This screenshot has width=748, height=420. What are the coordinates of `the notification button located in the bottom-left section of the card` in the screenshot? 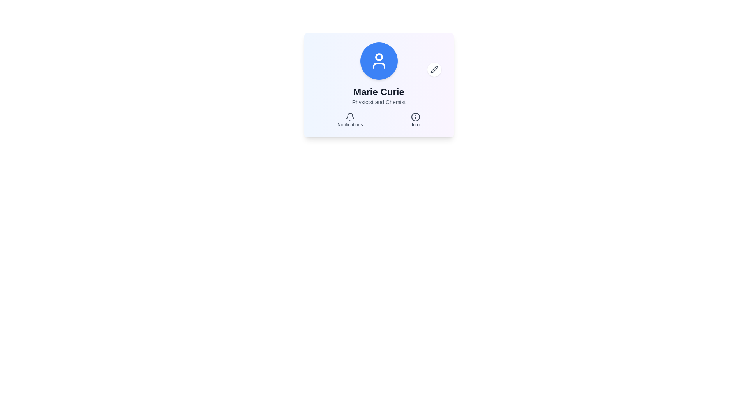 It's located at (349, 120).